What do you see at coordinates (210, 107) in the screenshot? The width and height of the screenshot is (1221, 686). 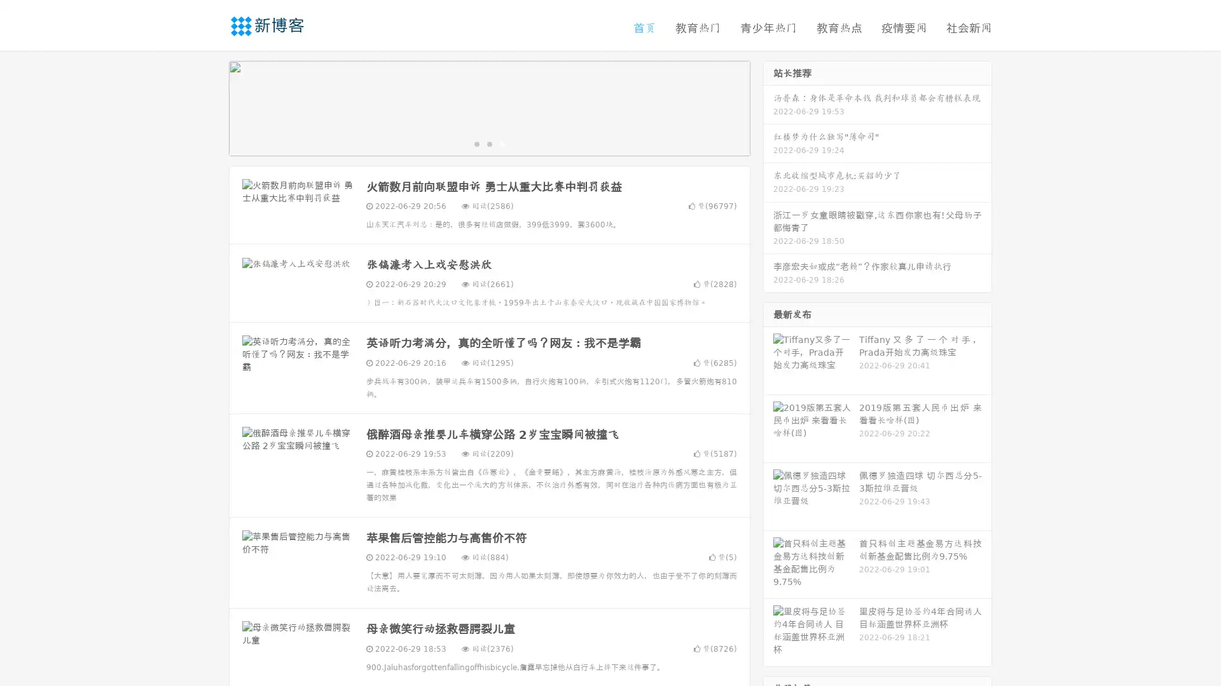 I see `Previous slide` at bounding box center [210, 107].